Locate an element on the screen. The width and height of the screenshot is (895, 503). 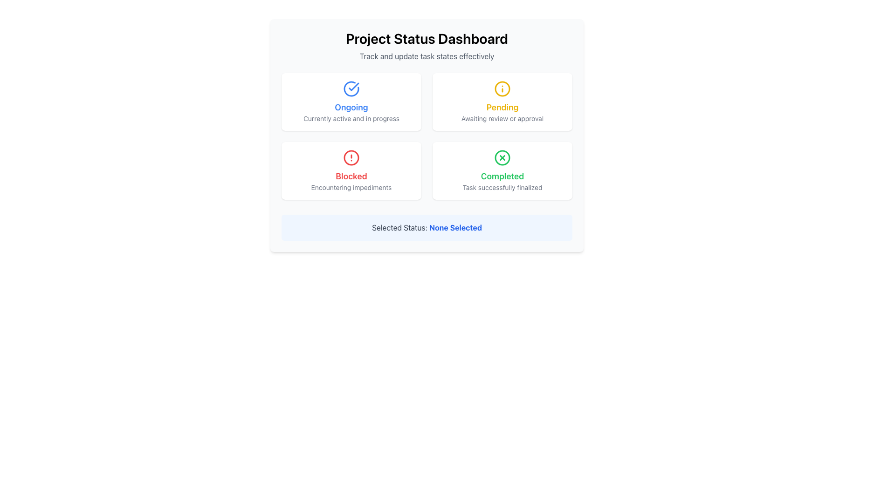
text from the Text Label located at the bottom of the 'Completed' card in the user interface grid is located at coordinates (502, 187).